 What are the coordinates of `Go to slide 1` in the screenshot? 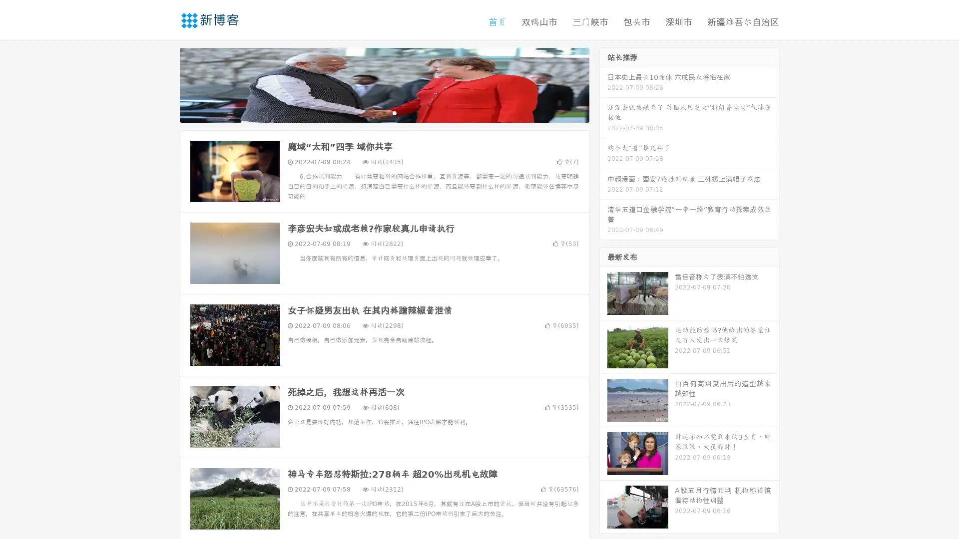 It's located at (374, 112).